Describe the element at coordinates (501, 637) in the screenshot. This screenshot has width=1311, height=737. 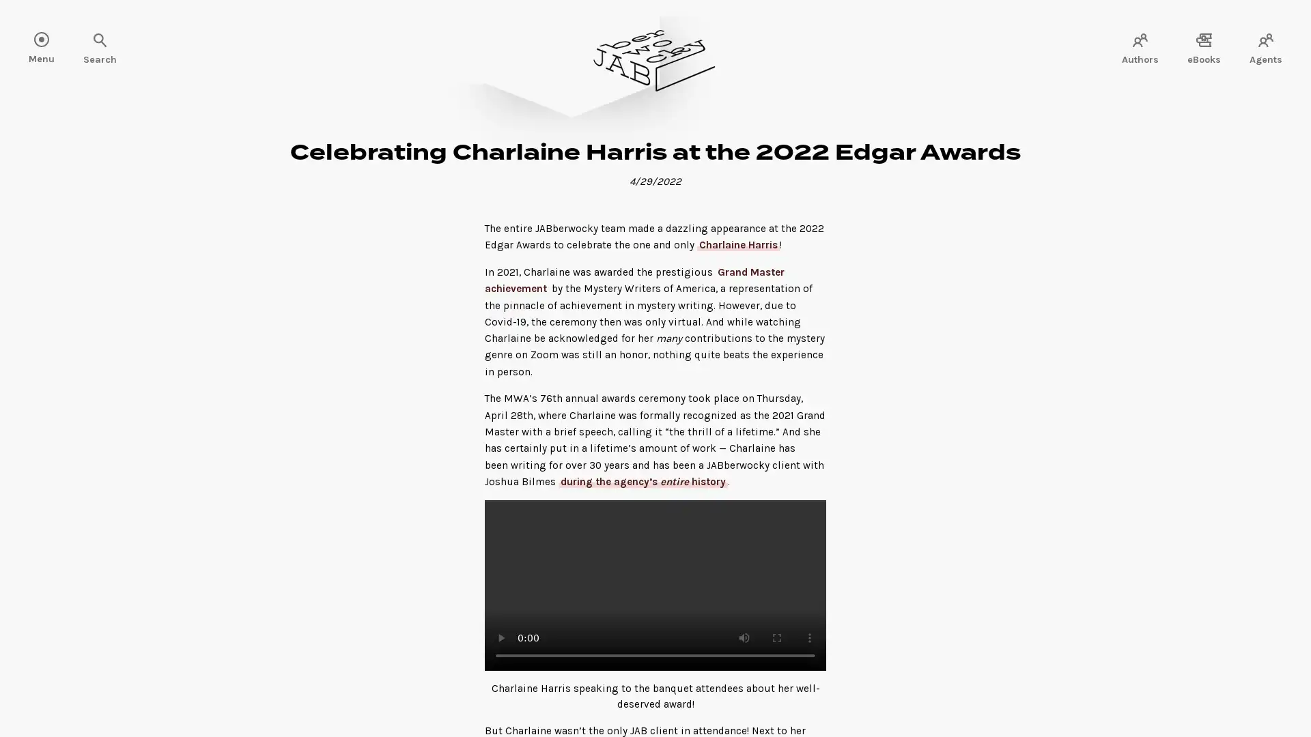
I see `play` at that location.